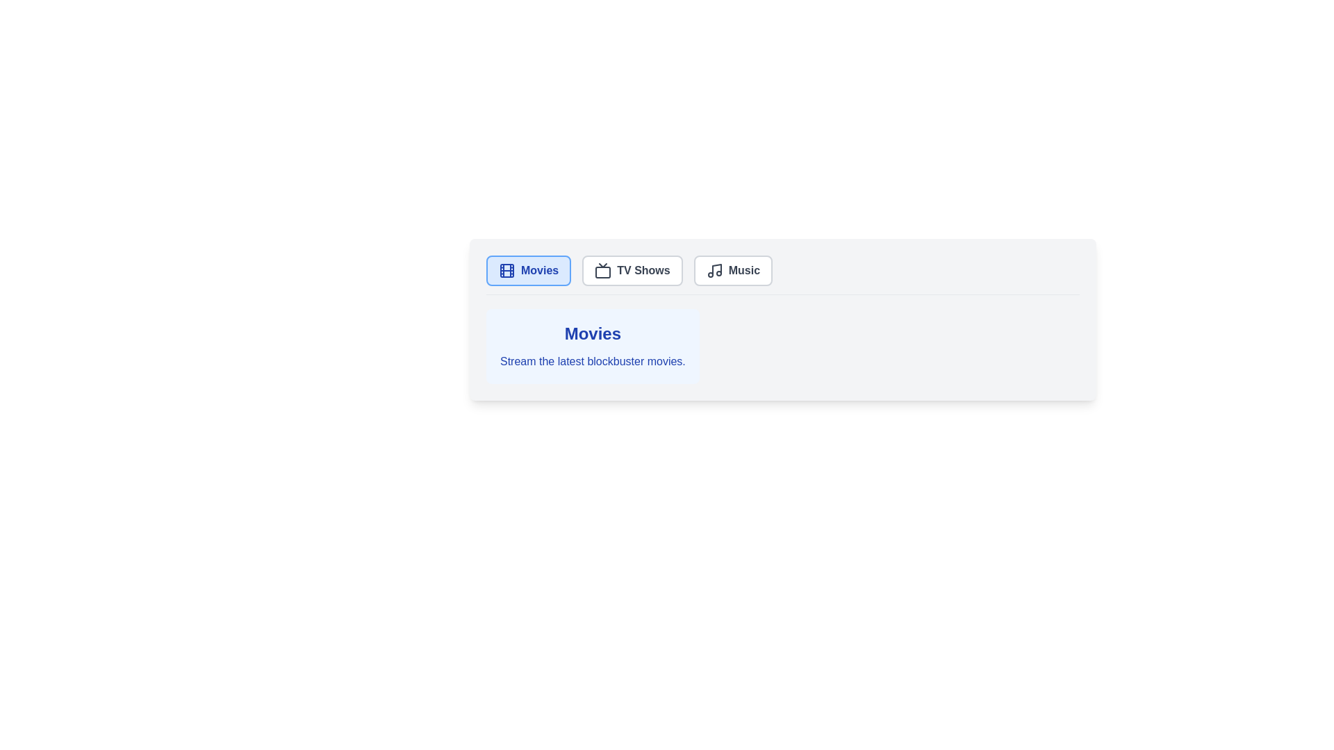 The height and width of the screenshot is (750, 1334). Describe the element at coordinates (732, 270) in the screenshot. I see `the 'Music' button in the navigation bar` at that location.